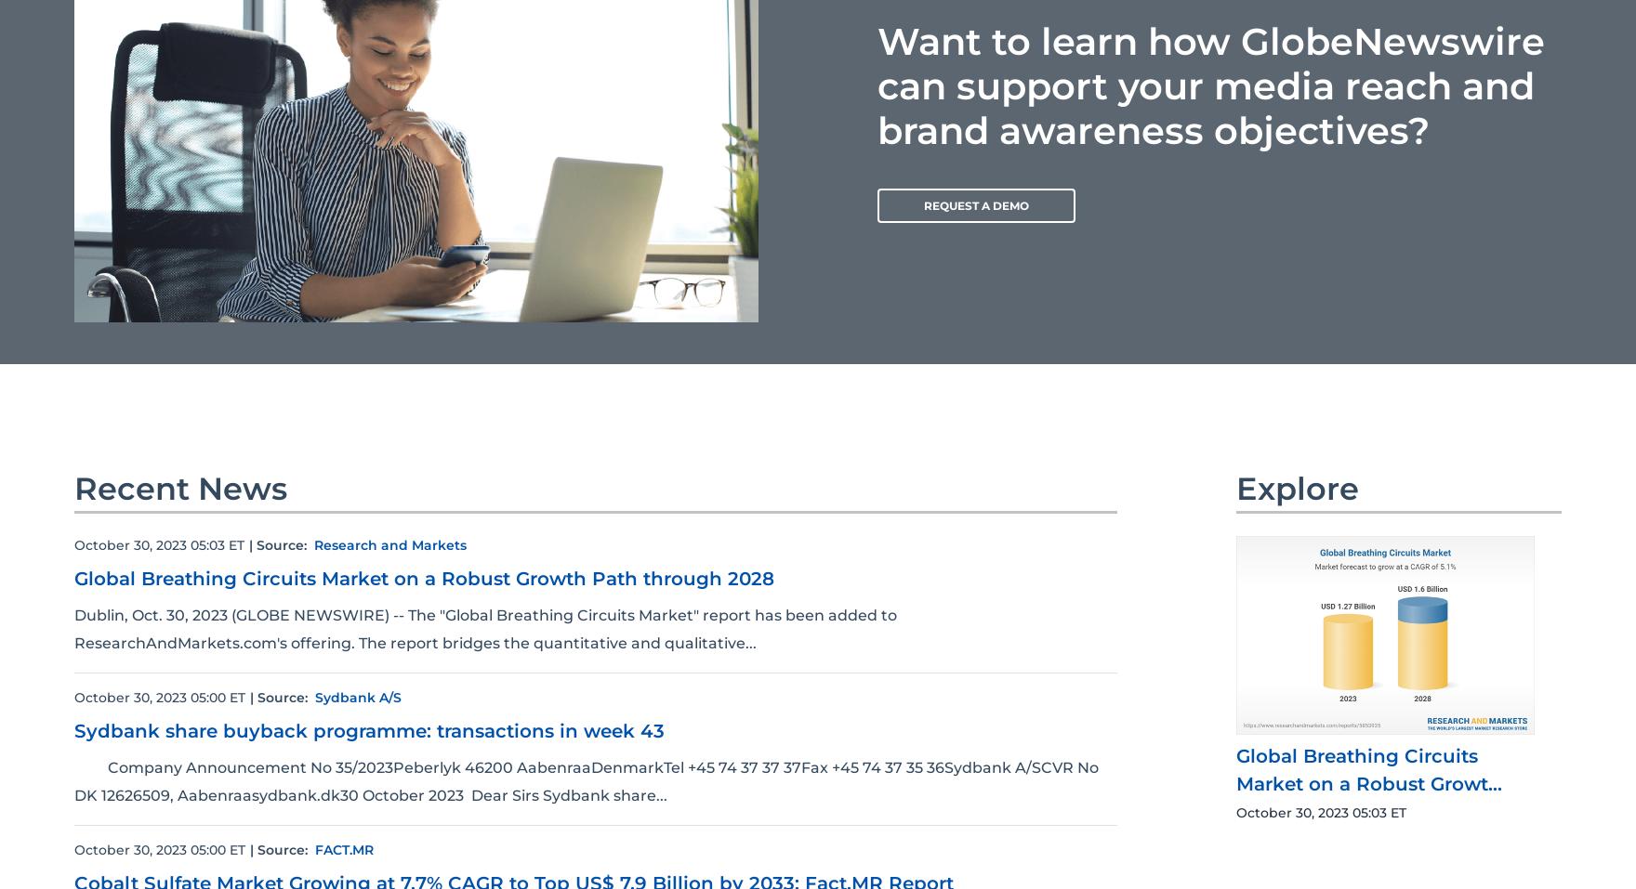 The image size is (1636, 889). I want to click on 'Recent News', so click(180, 488).